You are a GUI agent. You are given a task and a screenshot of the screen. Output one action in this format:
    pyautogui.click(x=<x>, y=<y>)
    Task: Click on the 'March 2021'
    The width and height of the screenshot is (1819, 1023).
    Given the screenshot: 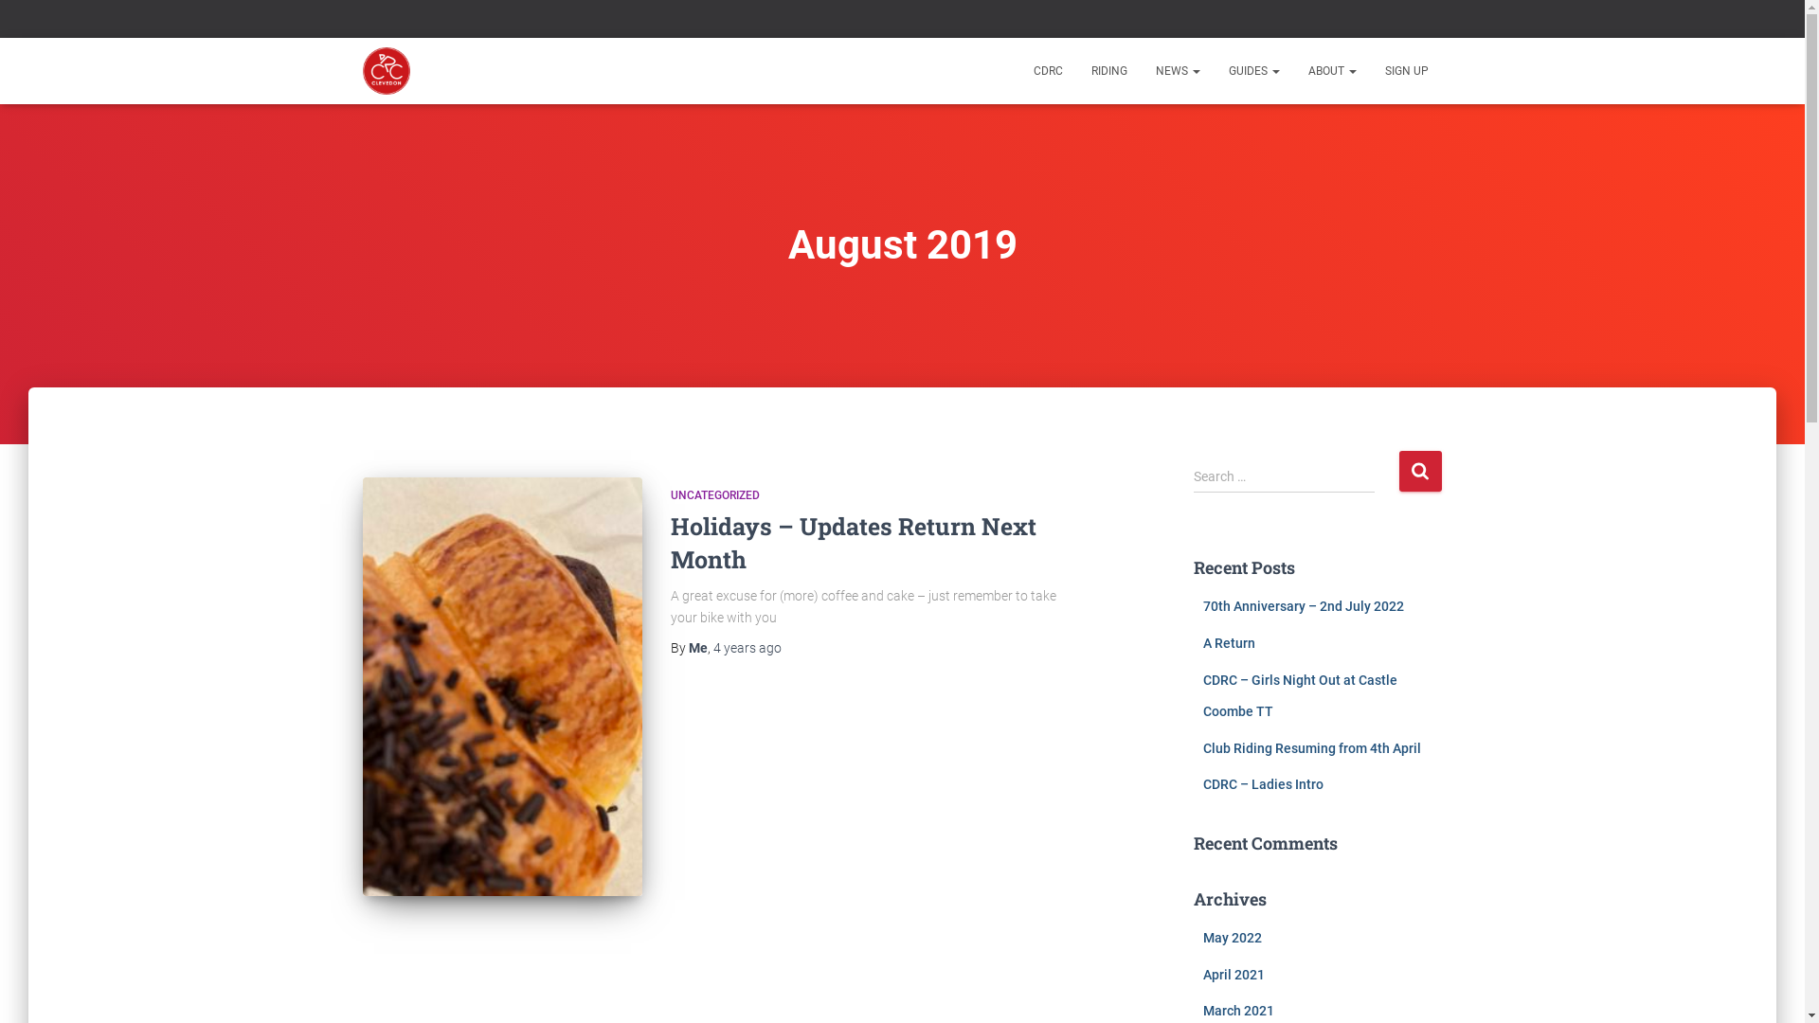 What is the action you would take?
    pyautogui.click(x=1202, y=1010)
    